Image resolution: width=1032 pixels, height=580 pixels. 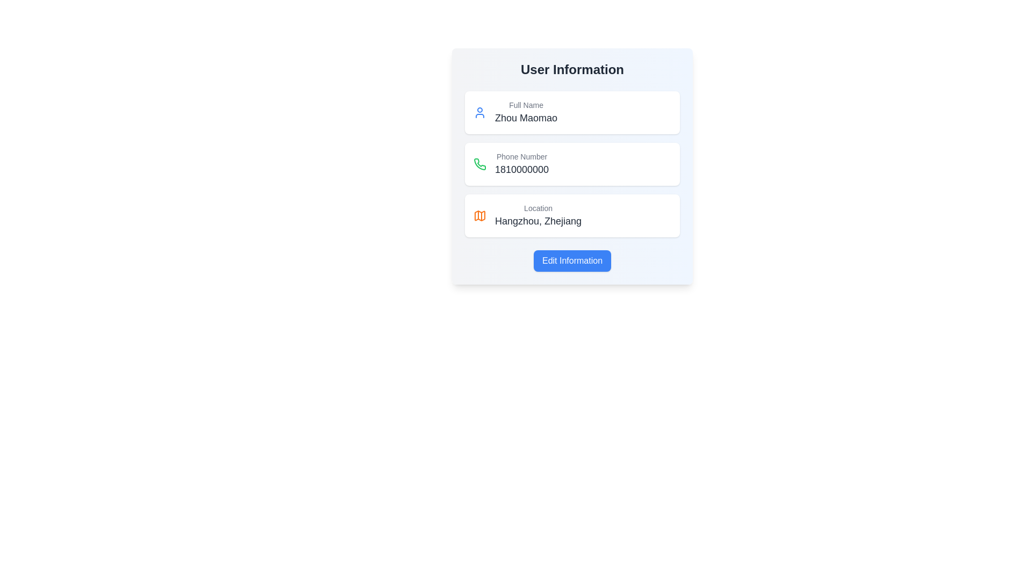 I want to click on the text label displaying 'Hangzhou, Zhejiang' which is styled in dark gray and located below the 'Location' label, so click(x=538, y=221).